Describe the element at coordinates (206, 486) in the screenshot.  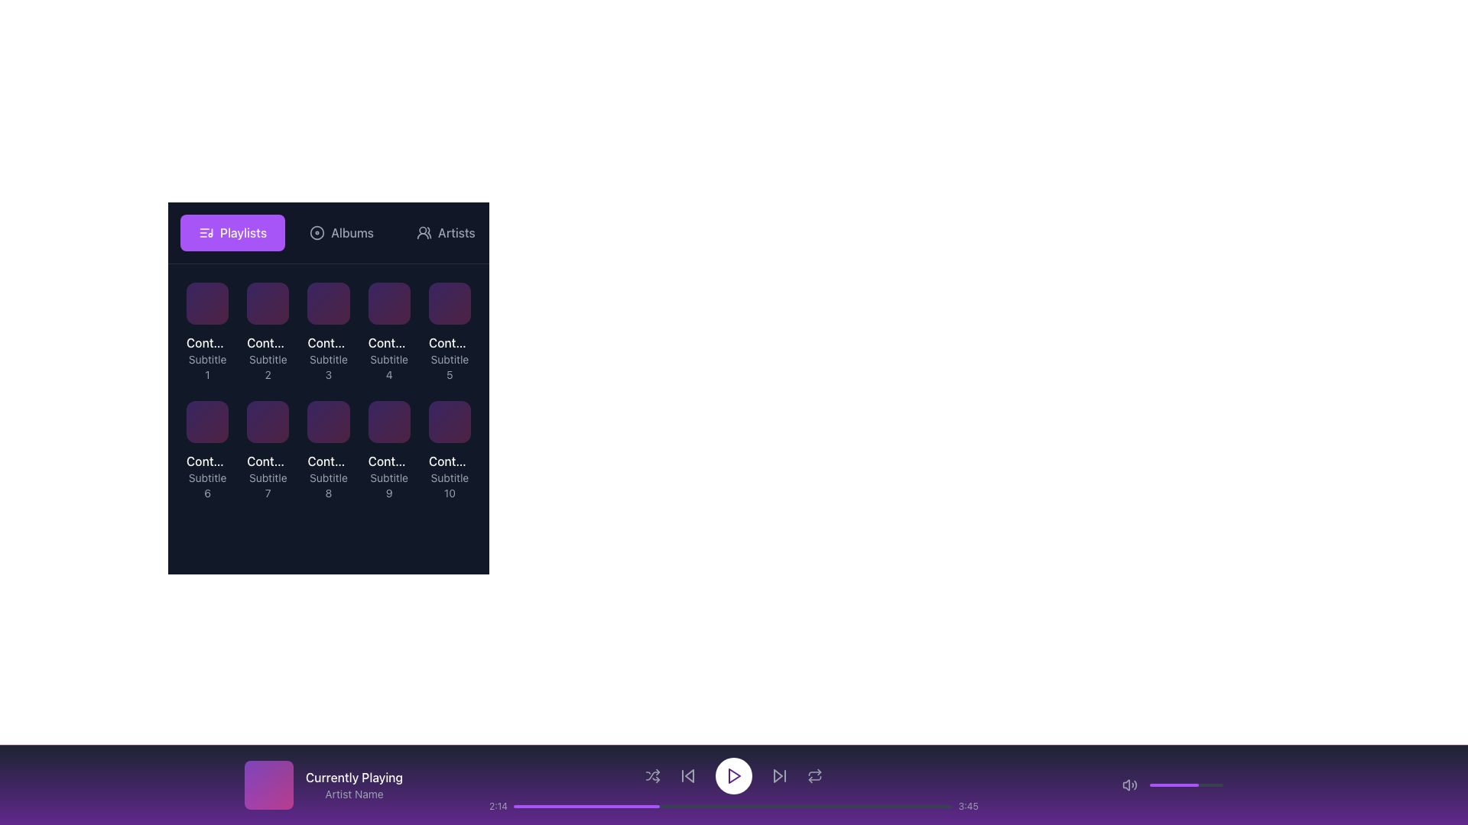
I see `the static text label displaying 'Subtitle 6', which is a small, gray font label located below 'Content Title 6' in the sixth card of the grid` at that location.